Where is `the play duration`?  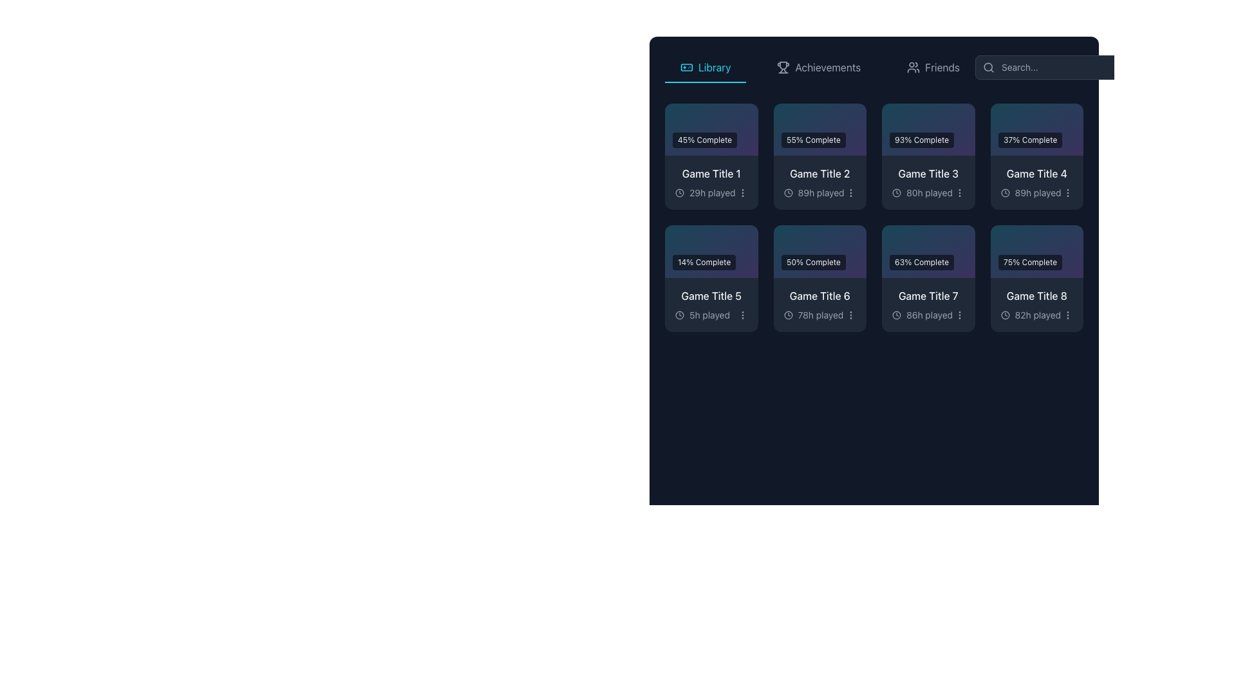 the play duration is located at coordinates (711, 156).